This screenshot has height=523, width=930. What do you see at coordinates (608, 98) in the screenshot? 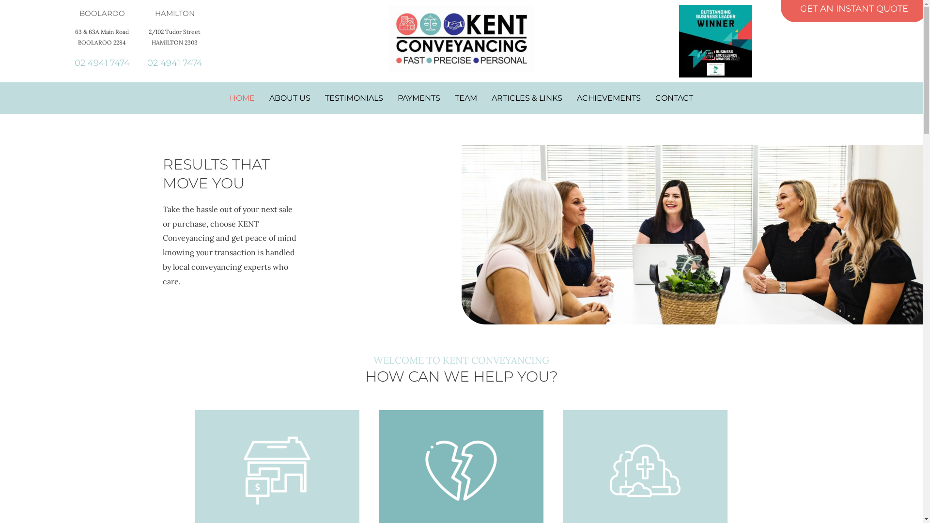
I see `'ACHIEVEMENTS'` at bounding box center [608, 98].